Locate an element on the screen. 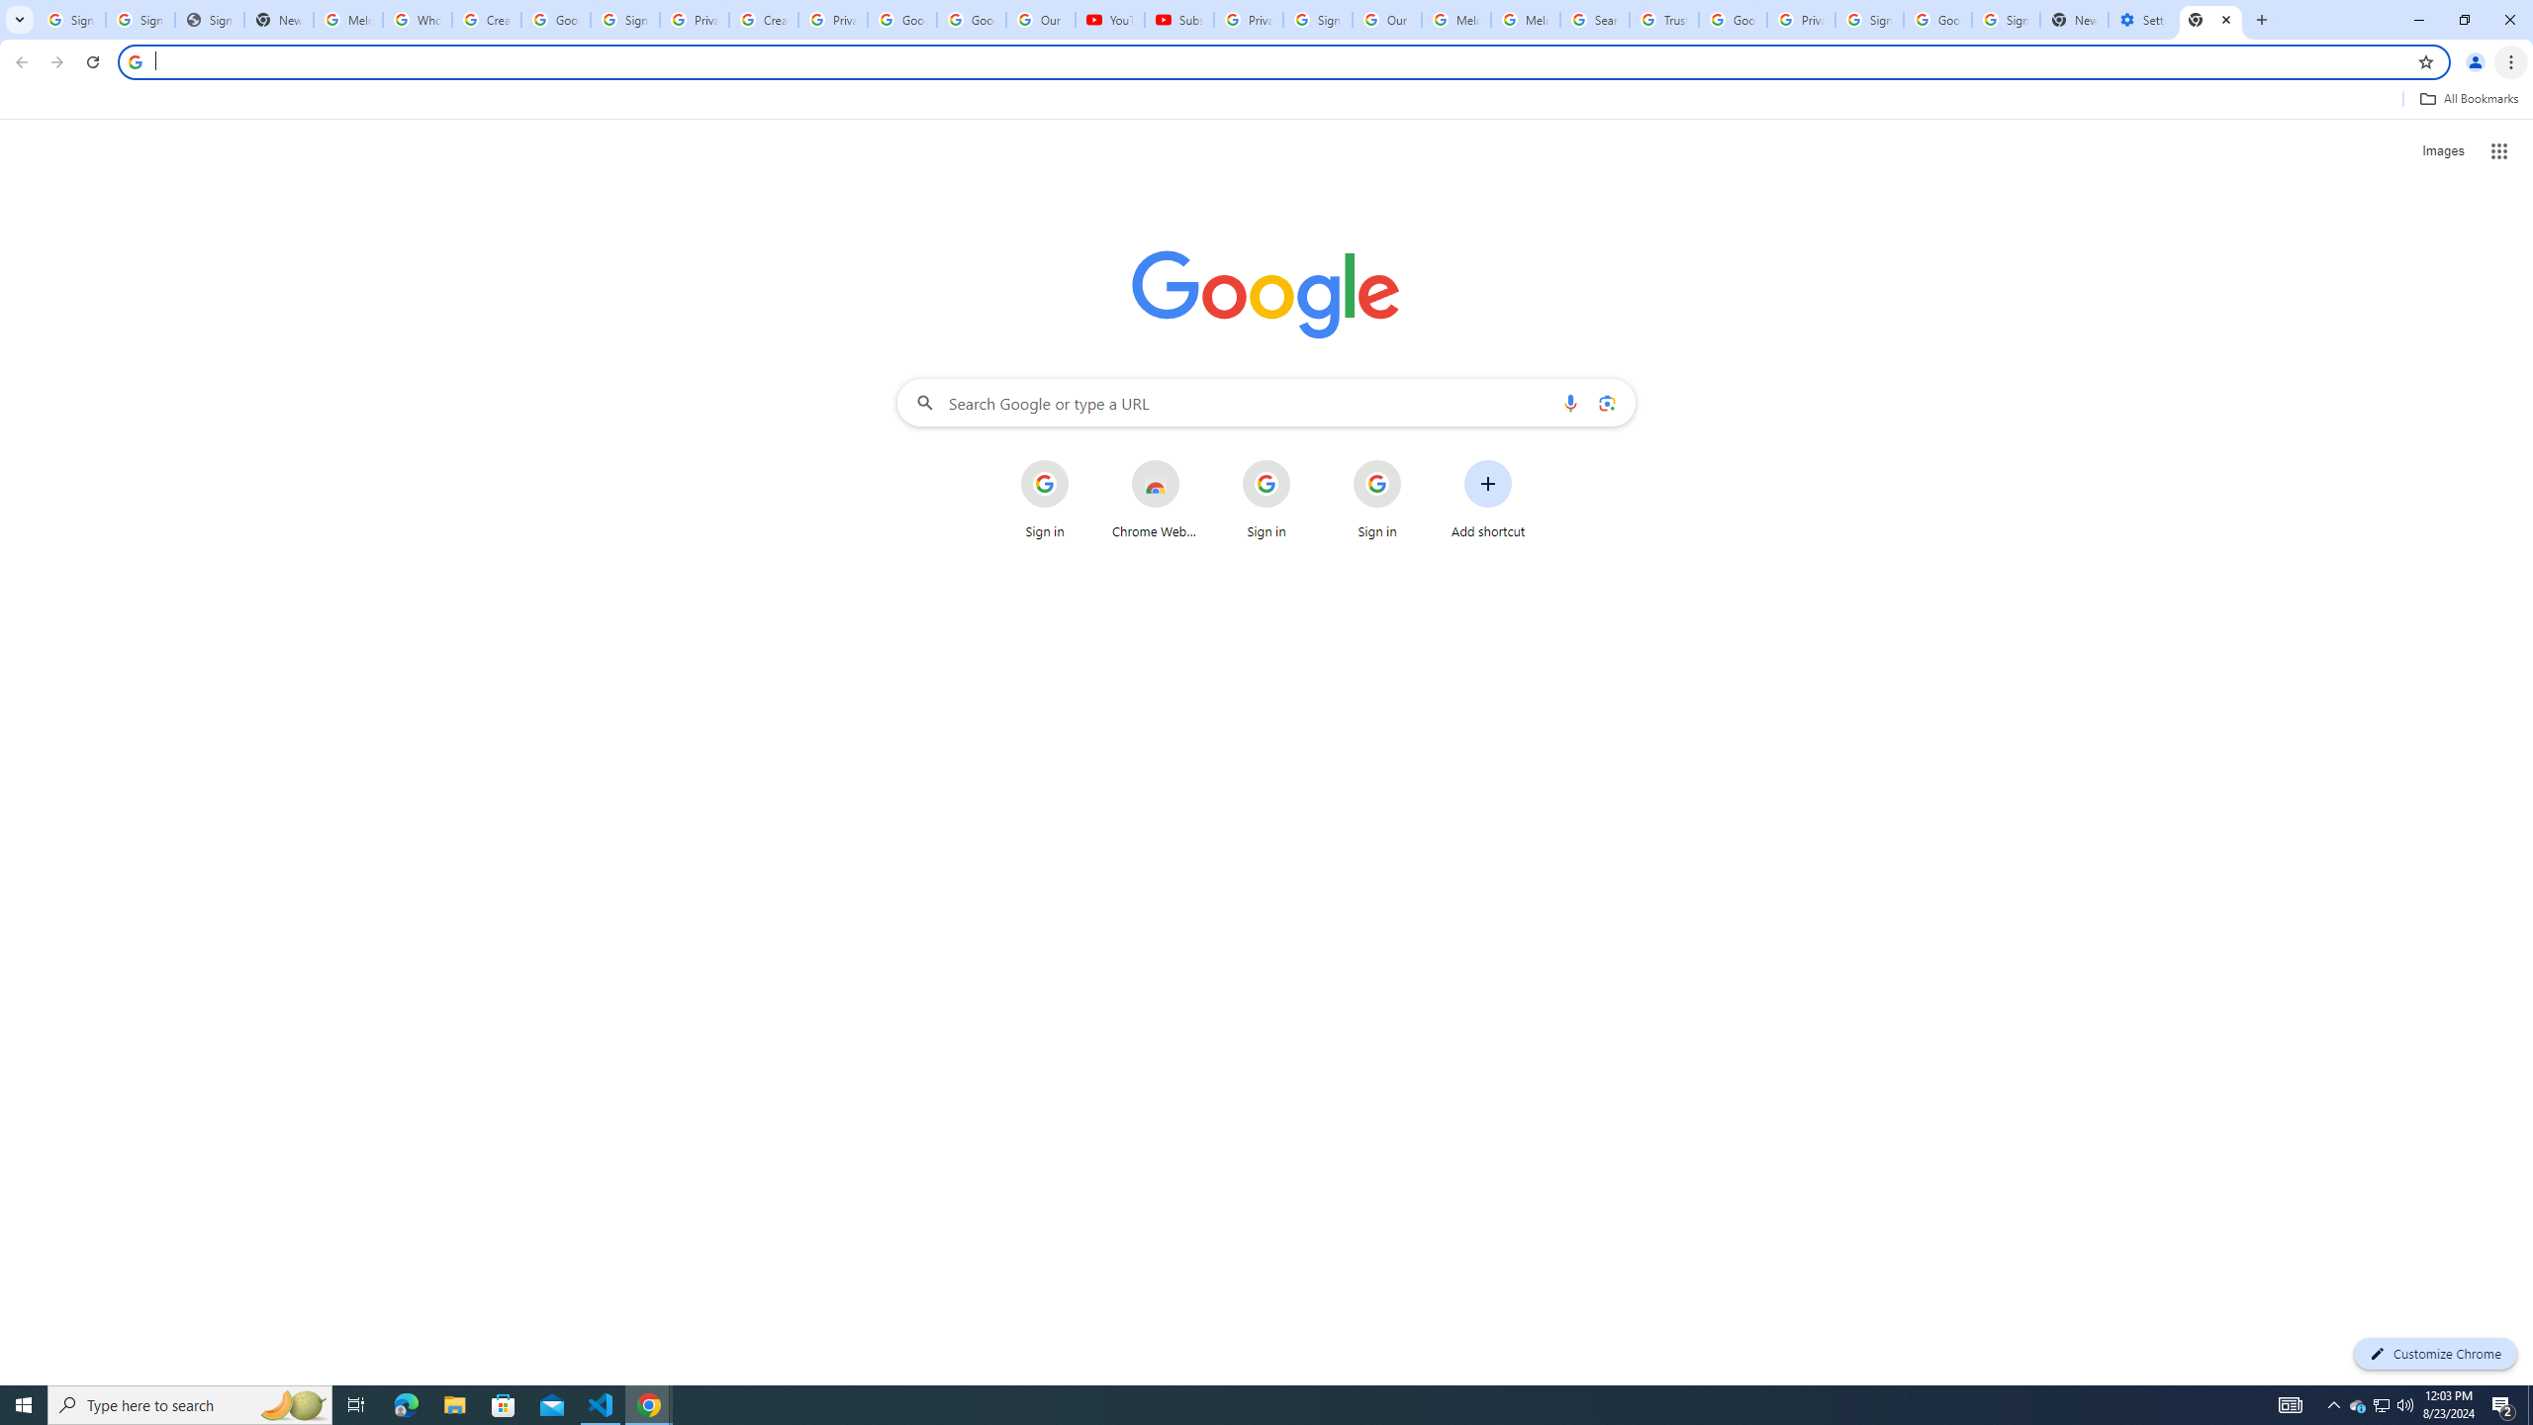 Image resolution: width=2533 pixels, height=1425 pixels. 'More actions for Sign in shortcut' is located at coordinates (1416, 462).